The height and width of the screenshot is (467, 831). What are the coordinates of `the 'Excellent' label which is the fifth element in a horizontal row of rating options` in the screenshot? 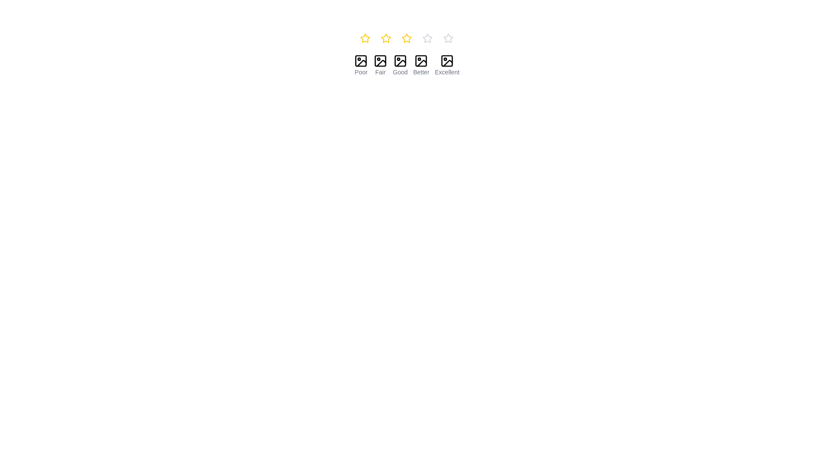 It's located at (447, 64).